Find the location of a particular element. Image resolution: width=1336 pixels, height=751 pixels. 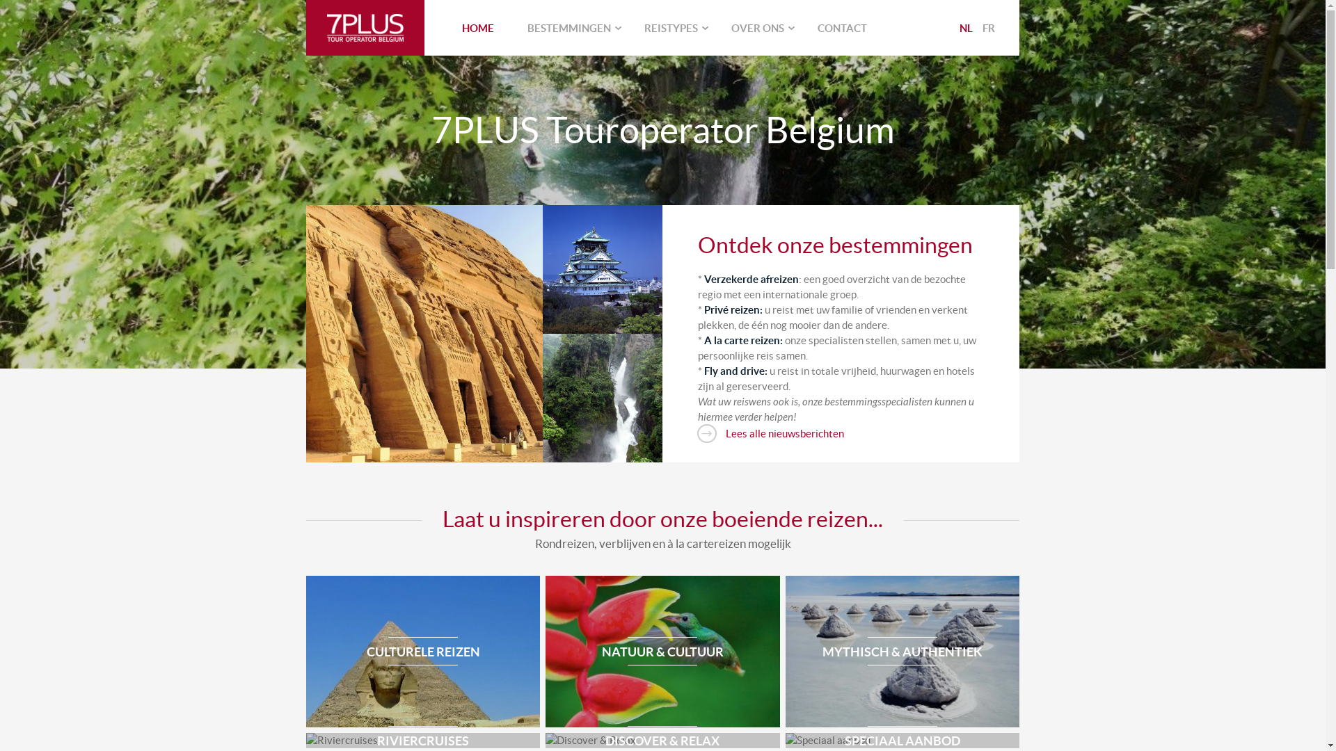

'Lees alle nieuwsberichten' is located at coordinates (770, 433).